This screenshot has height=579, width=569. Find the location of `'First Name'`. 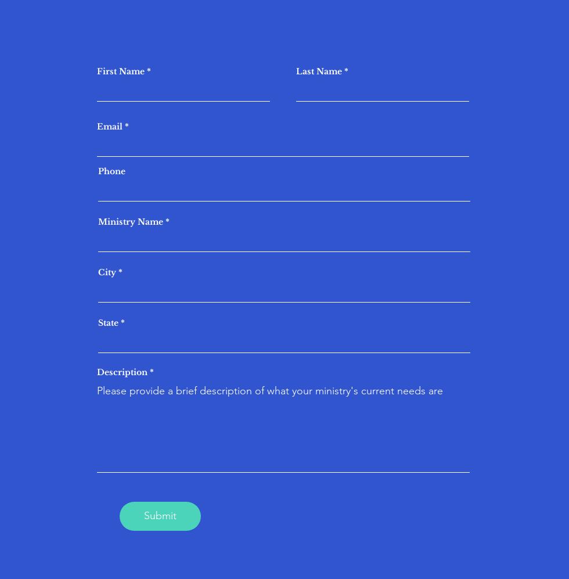

'First Name' is located at coordinates (120, 71).